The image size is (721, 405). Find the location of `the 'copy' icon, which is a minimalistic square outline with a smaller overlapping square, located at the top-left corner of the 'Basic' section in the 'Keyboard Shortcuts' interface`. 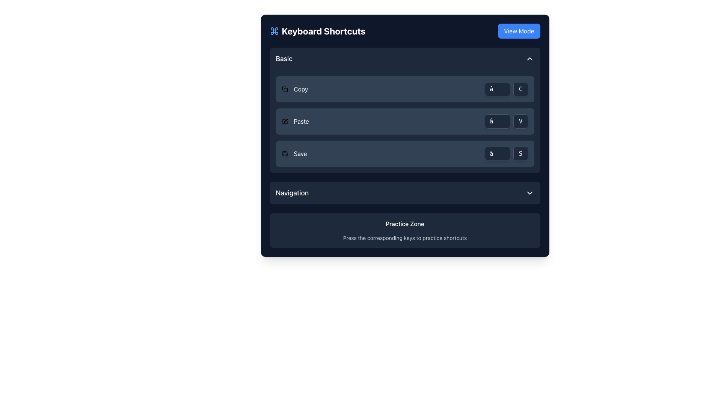

the 'copy' icon, which is a minimalistic square outline with a smaller overlapping square, located at the top-left corner of the 'Basic' section in the 'Keyboard Shortcuts' interface is located at coordinates (284, 89).